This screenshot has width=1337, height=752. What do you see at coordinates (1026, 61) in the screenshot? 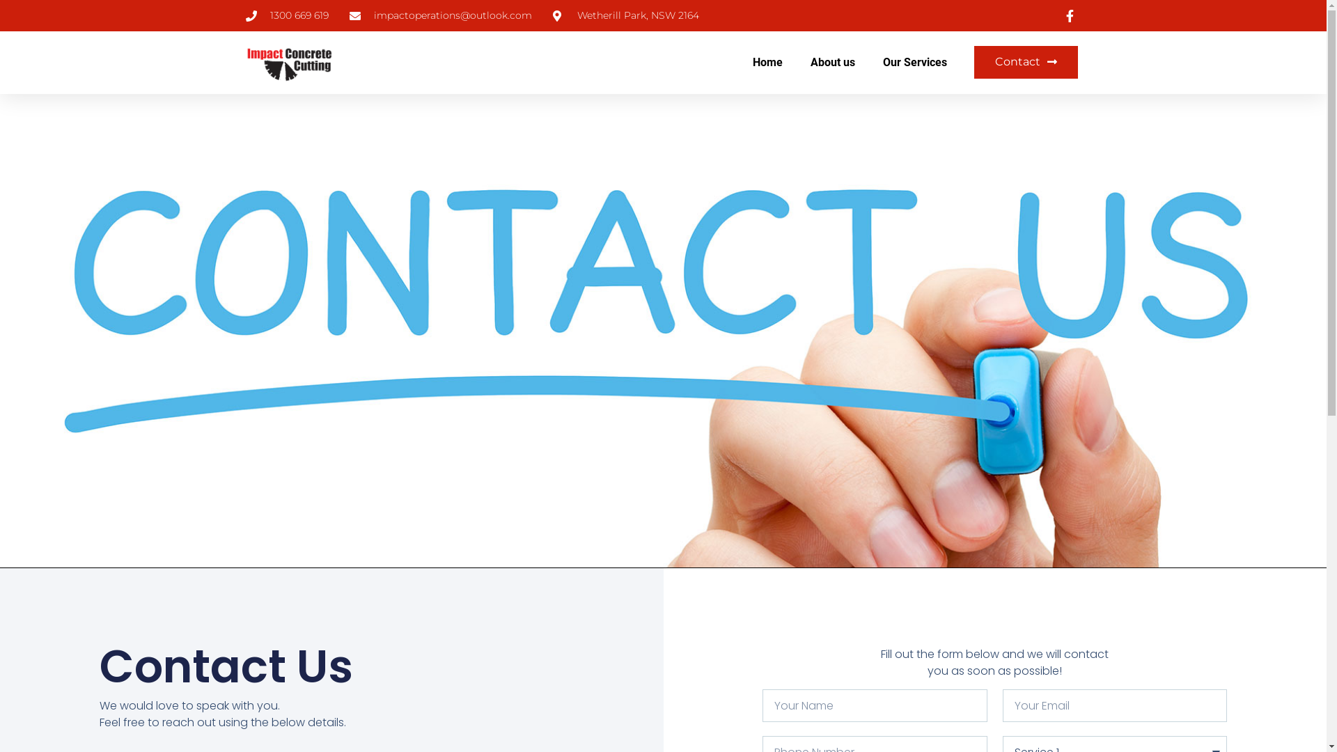
I see `'Contact'` at bounding box center [1026, 61].